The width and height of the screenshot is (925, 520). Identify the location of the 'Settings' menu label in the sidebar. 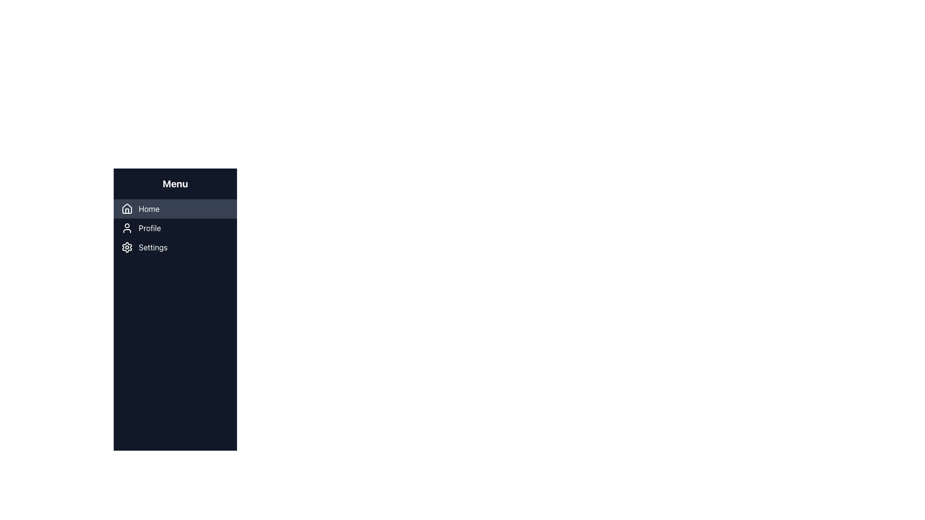
(152, 247).